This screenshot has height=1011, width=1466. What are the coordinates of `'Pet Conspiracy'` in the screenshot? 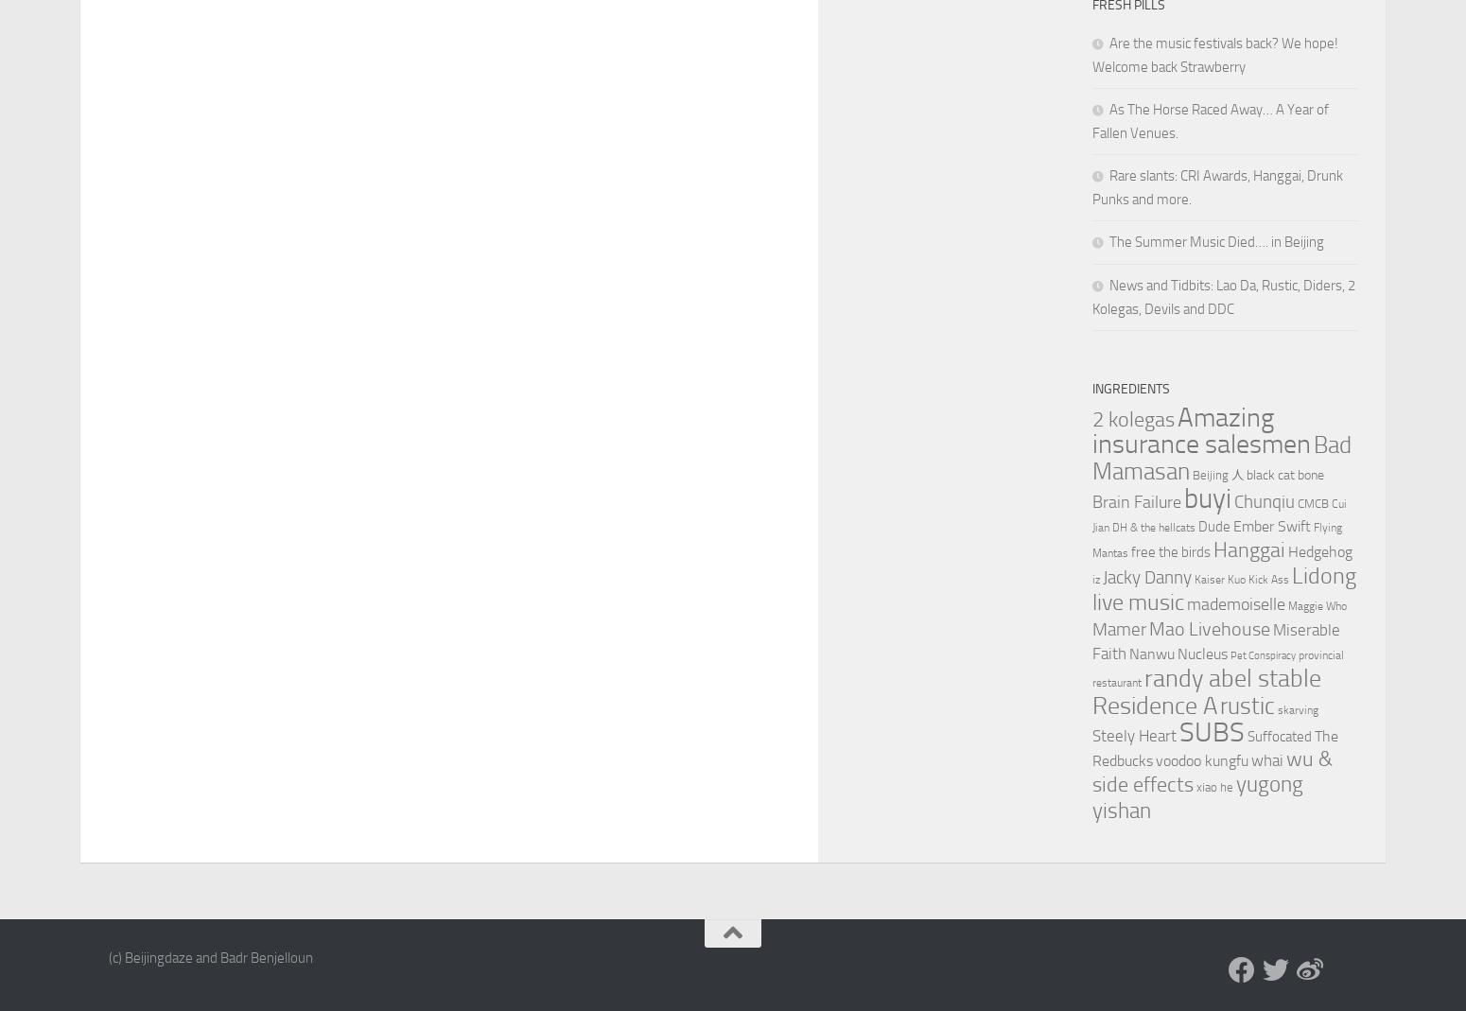 It's located at (1263, 654).